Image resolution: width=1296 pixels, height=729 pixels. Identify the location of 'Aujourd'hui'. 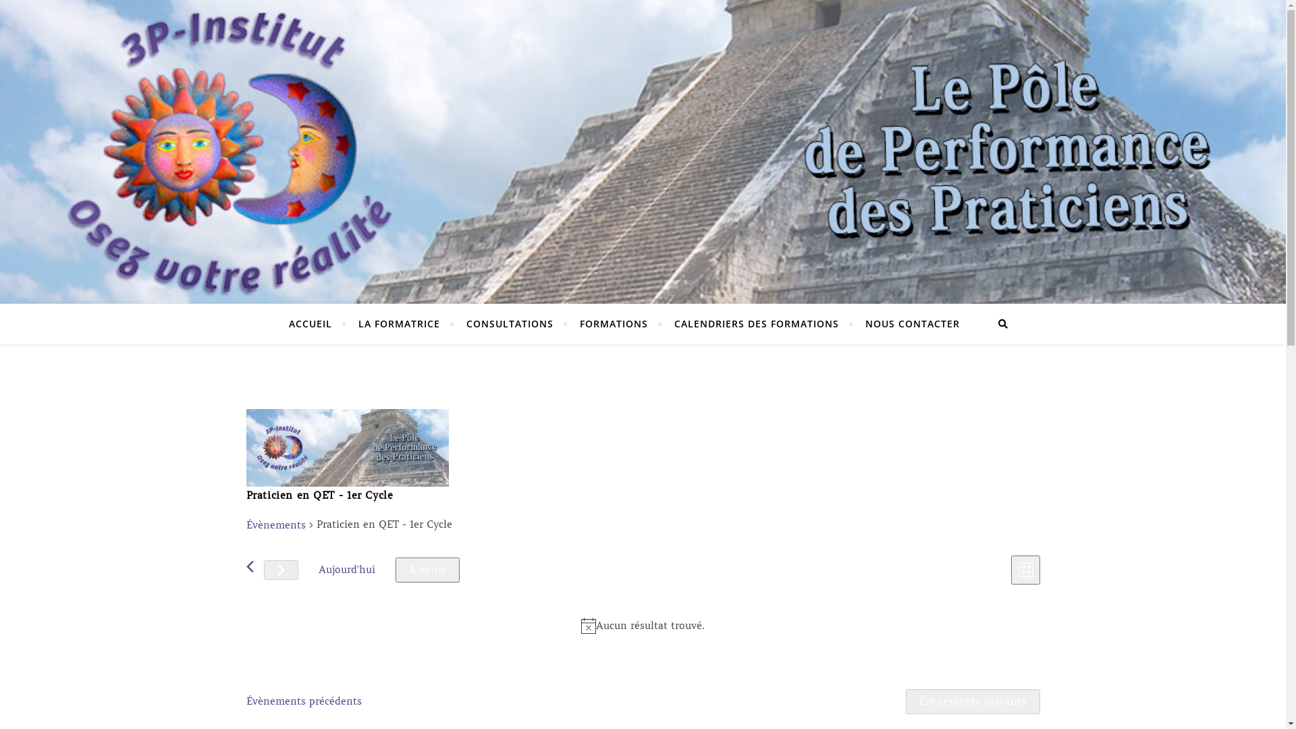
(346, 570).